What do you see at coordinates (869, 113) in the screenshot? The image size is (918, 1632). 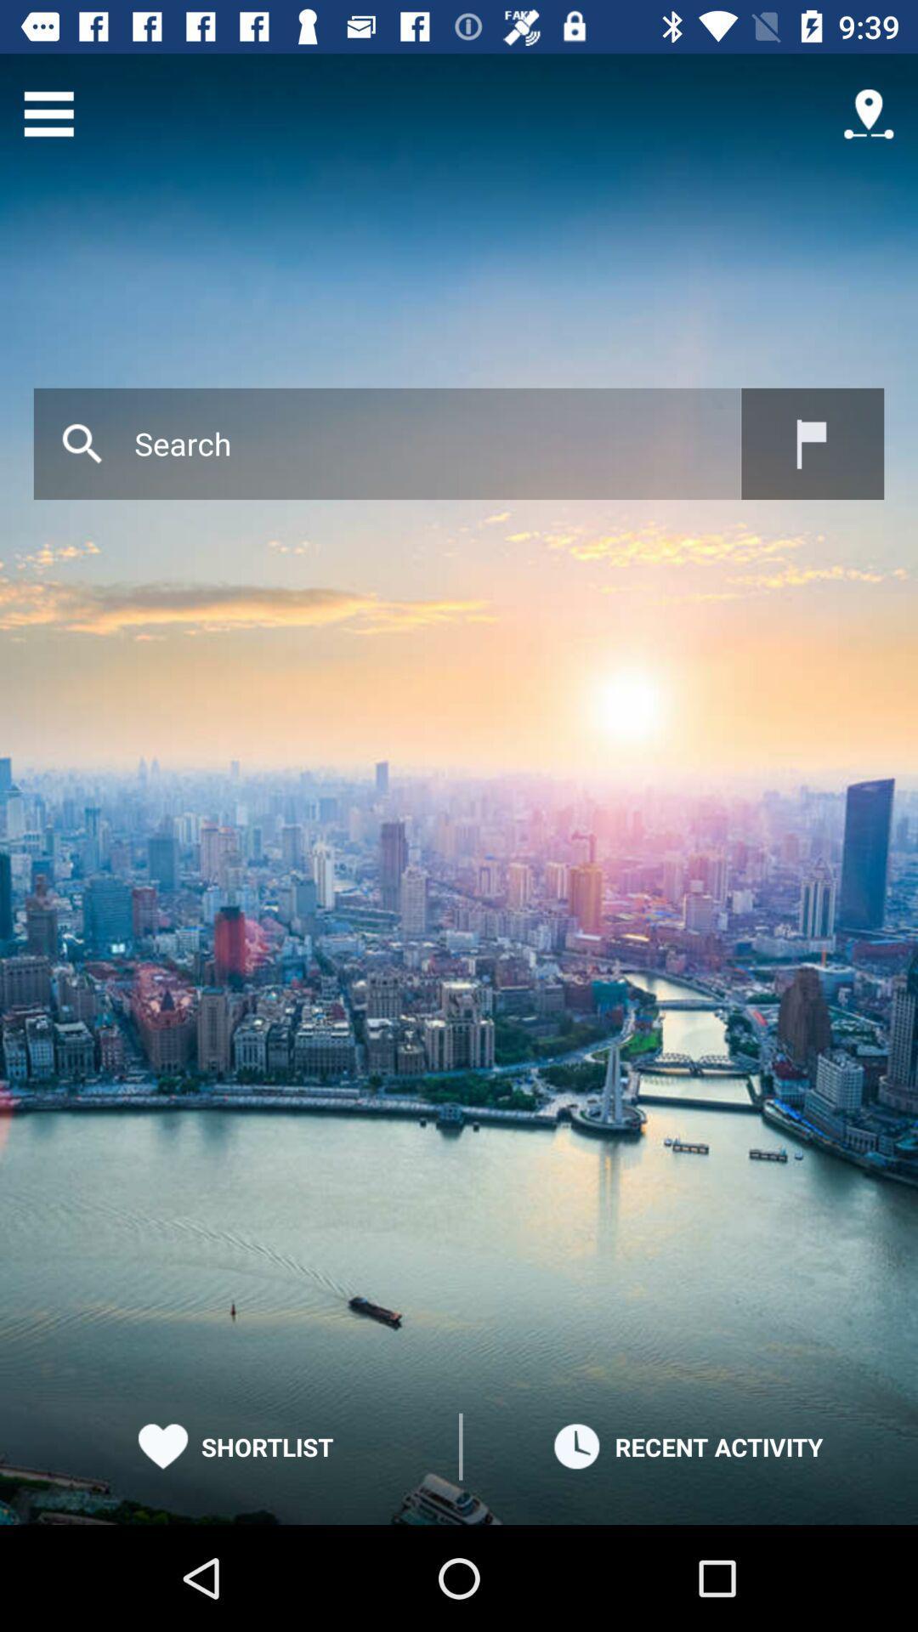 I see `the location icon` at bounding box center [869, 113].